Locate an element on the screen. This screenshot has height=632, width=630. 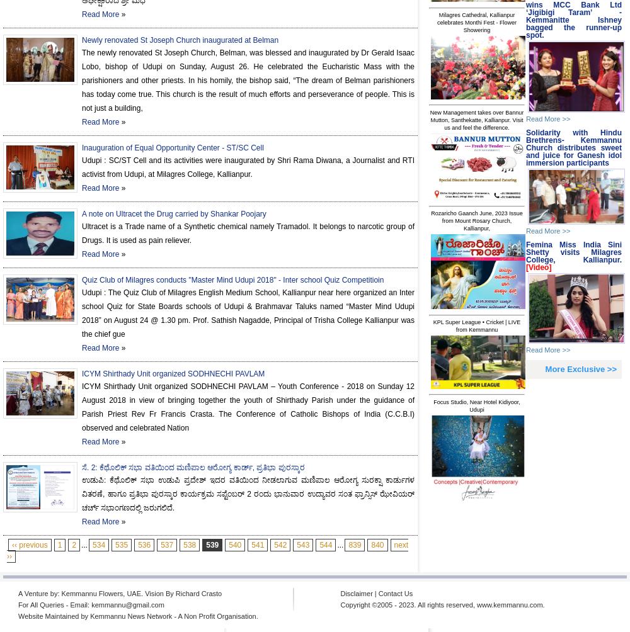
'537' is located at coordinates (161, 545).